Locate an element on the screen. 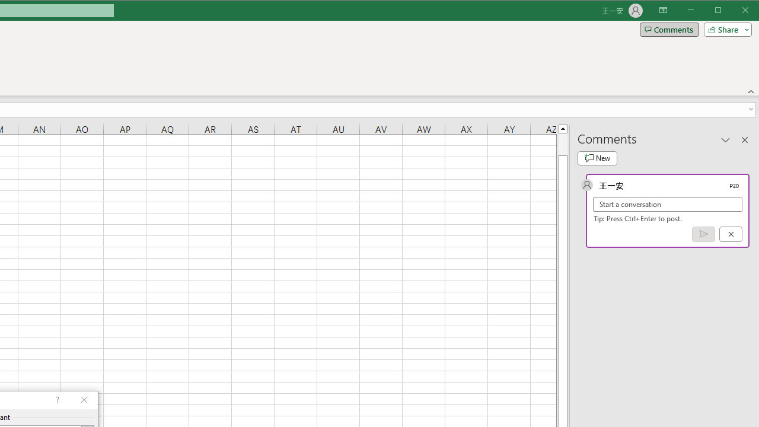 This screenshot has height=427, width=759. 'New comment' is located at coordinates (597, 158).